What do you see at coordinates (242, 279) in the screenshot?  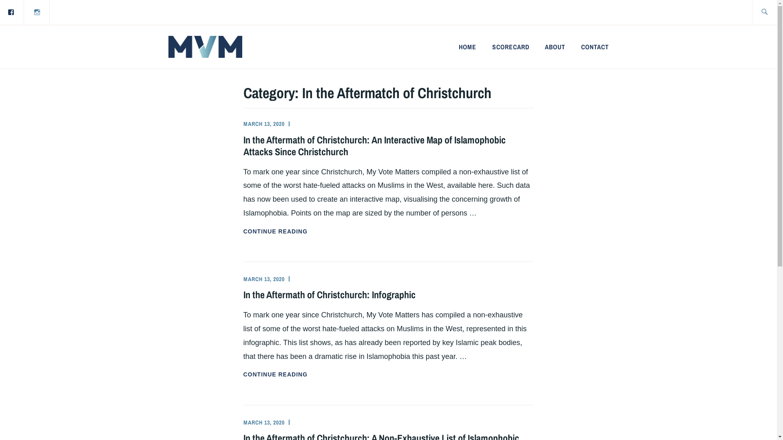 I see `'MARCH 13, 2020'` at bounding box center [242, 279].